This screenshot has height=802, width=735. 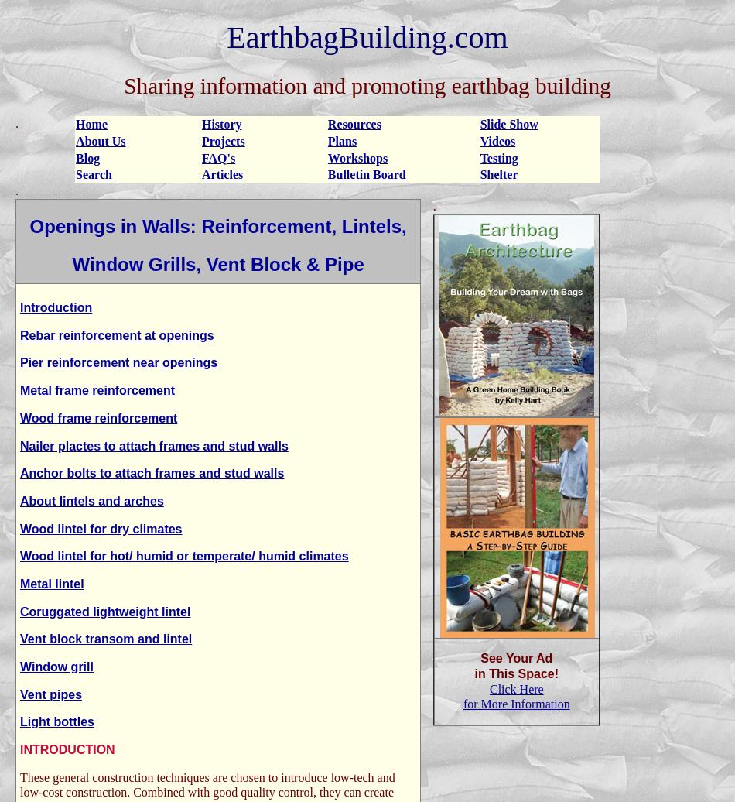 What do you see at coordinates (20, 667) in the screenshot?
I see `'Window grill'` at bounding box center [20, 667].